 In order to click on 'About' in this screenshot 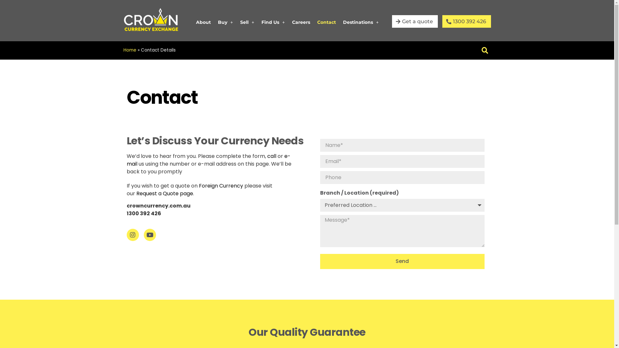, I will do `click(192, 22)`.